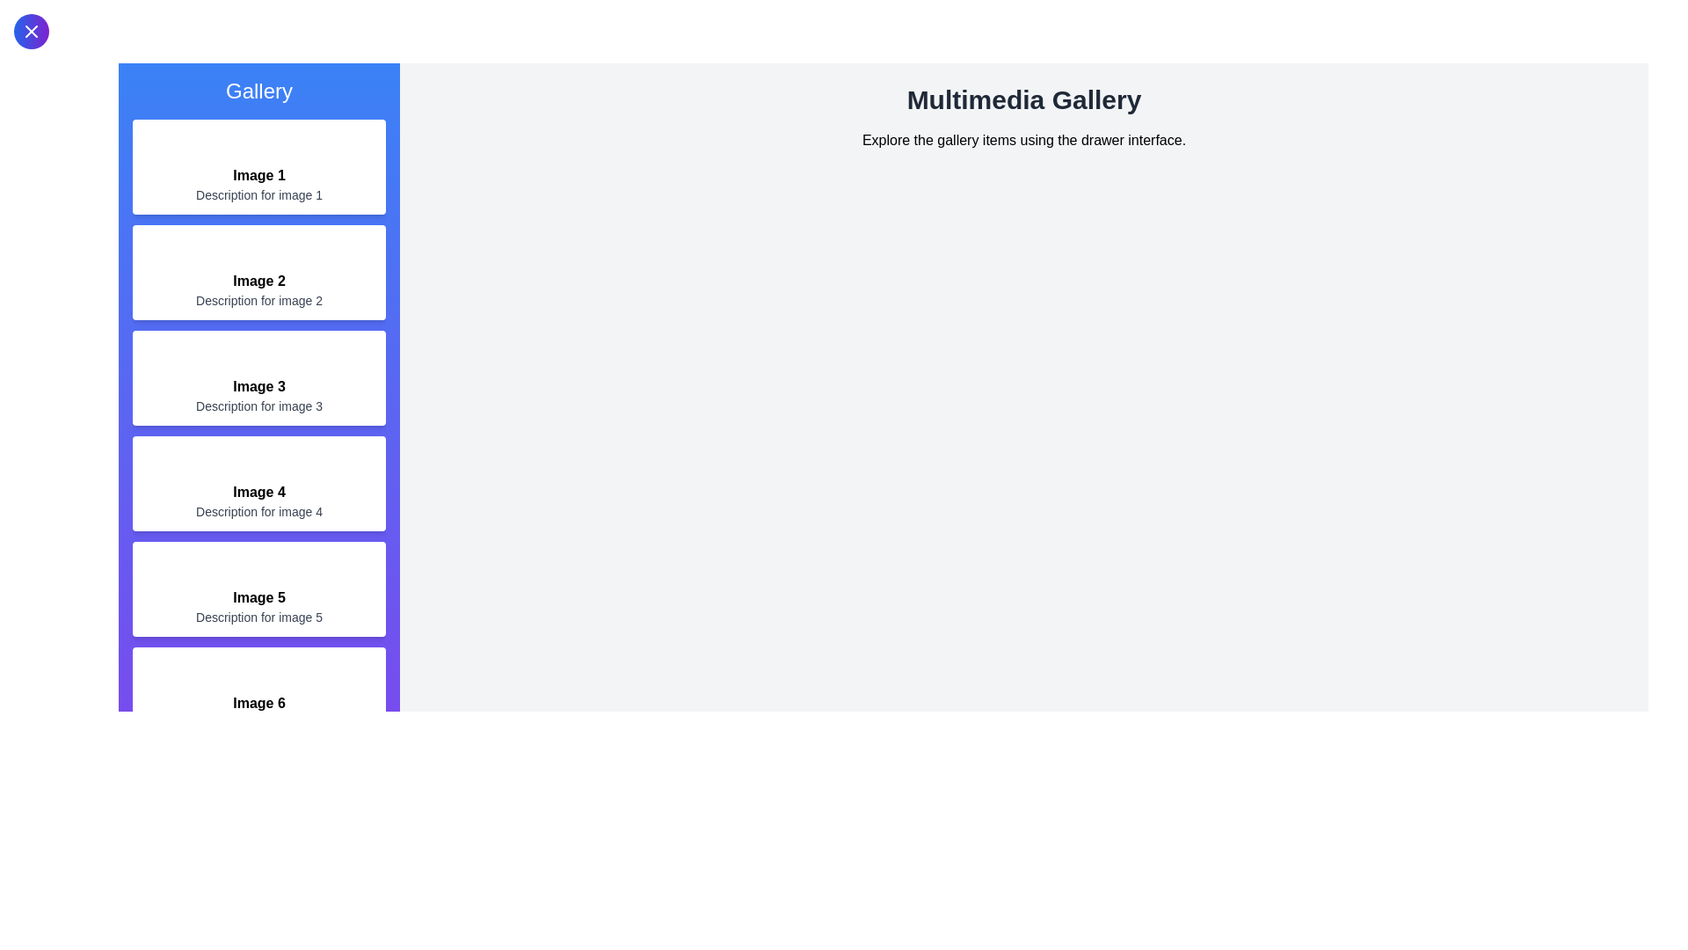 Image resolution: width=1688 pixels, height=950 pixels. I want to click on button at the top-left to toggle the drawer open or close, so click(31, 31).